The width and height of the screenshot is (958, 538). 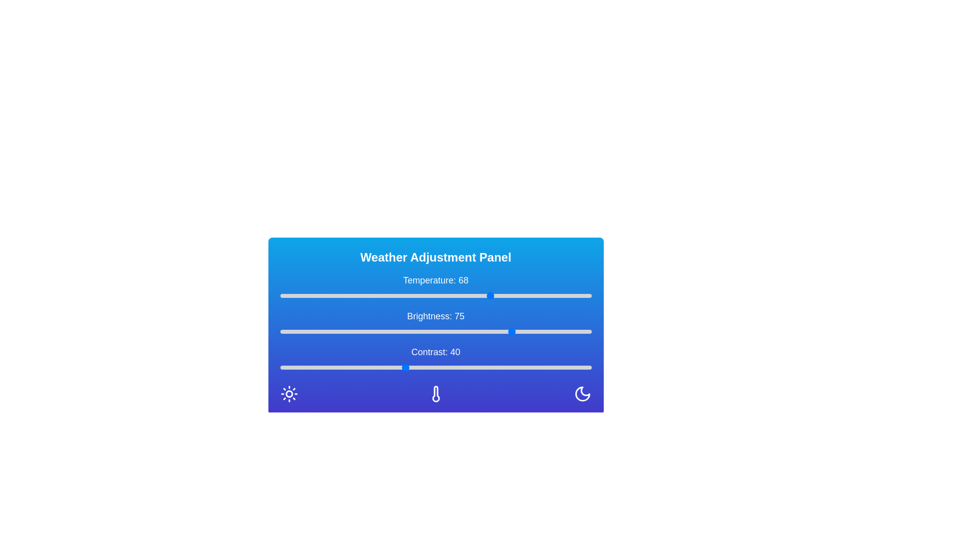 I want to click on the Sun icon in the Weather Adjustment Panel, so click(x=288, y=393).